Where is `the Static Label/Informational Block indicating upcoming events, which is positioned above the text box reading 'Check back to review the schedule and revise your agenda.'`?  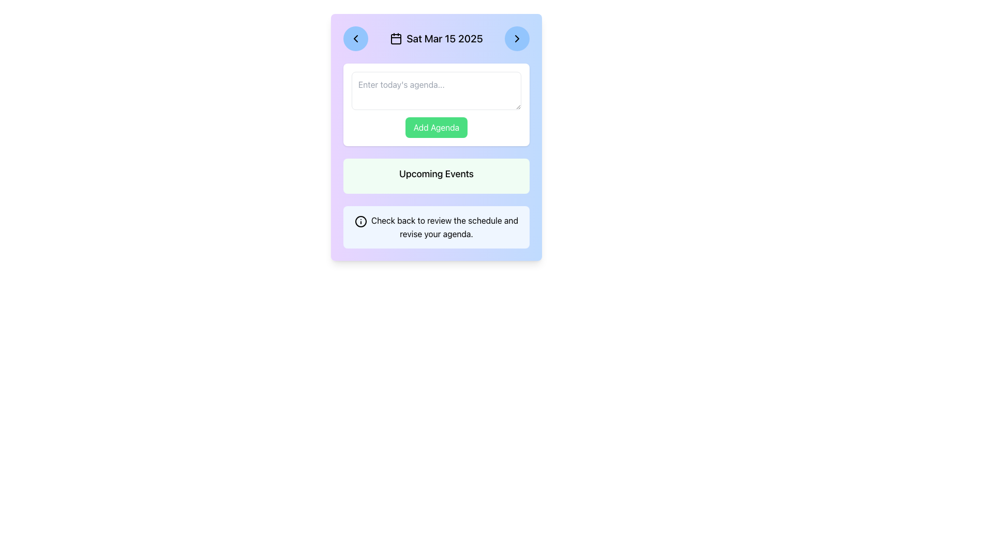 the Static Label/Informational Block indicating upcoming events, which is positioned above the text box reading 'Check back to review the schedule and revise your agenda.' is located at coordinates (437, 175).